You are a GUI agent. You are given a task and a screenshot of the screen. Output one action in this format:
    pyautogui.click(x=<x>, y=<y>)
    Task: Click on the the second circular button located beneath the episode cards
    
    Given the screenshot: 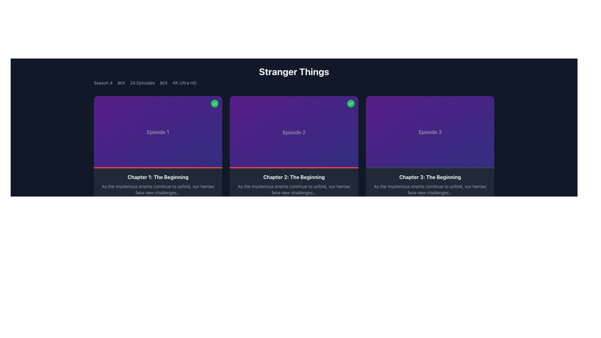 What is the action you would take?
    pyautogui.click(x=348, y=206)
    